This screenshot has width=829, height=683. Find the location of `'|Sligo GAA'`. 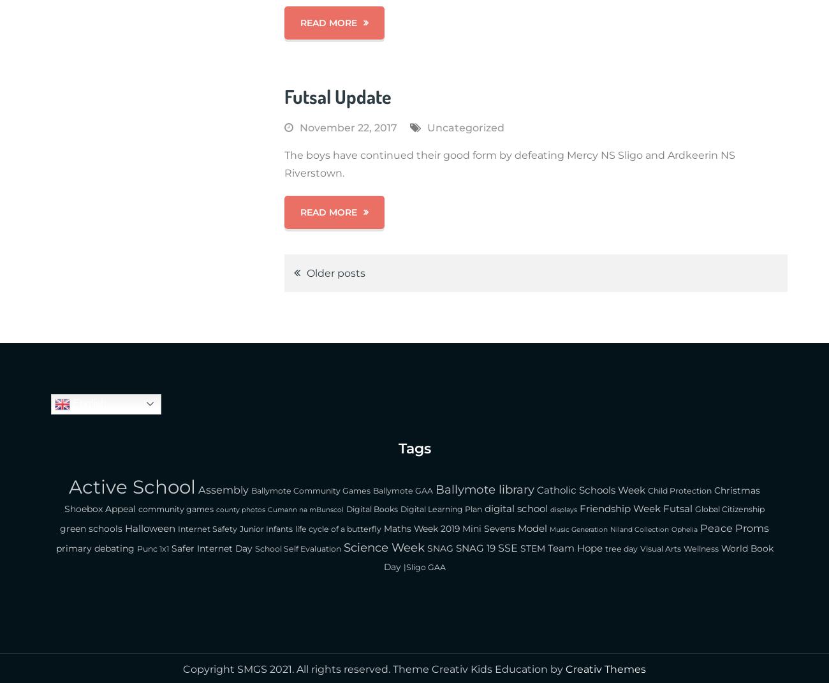

'|Sligo GAA' is located at coordinates (423, 567).